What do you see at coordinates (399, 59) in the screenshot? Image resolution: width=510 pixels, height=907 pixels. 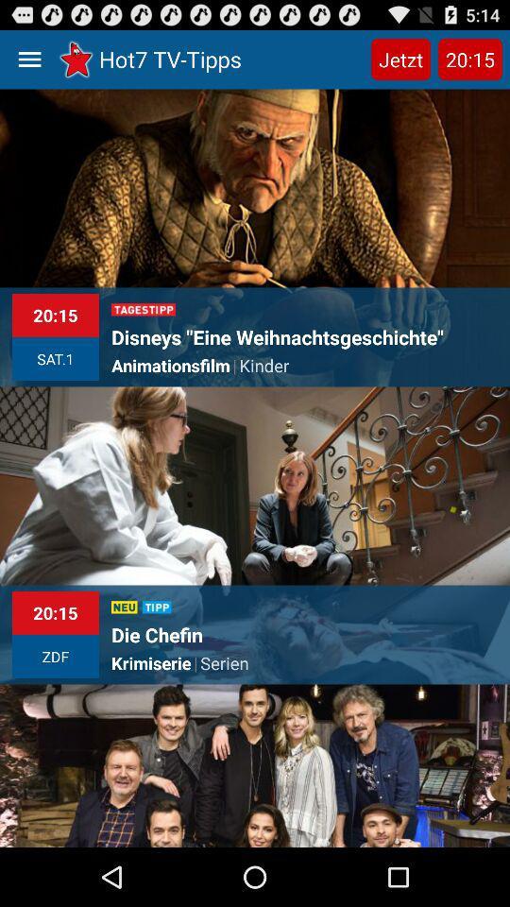 I see `the jetzt item` at bounding box center [399, 59].